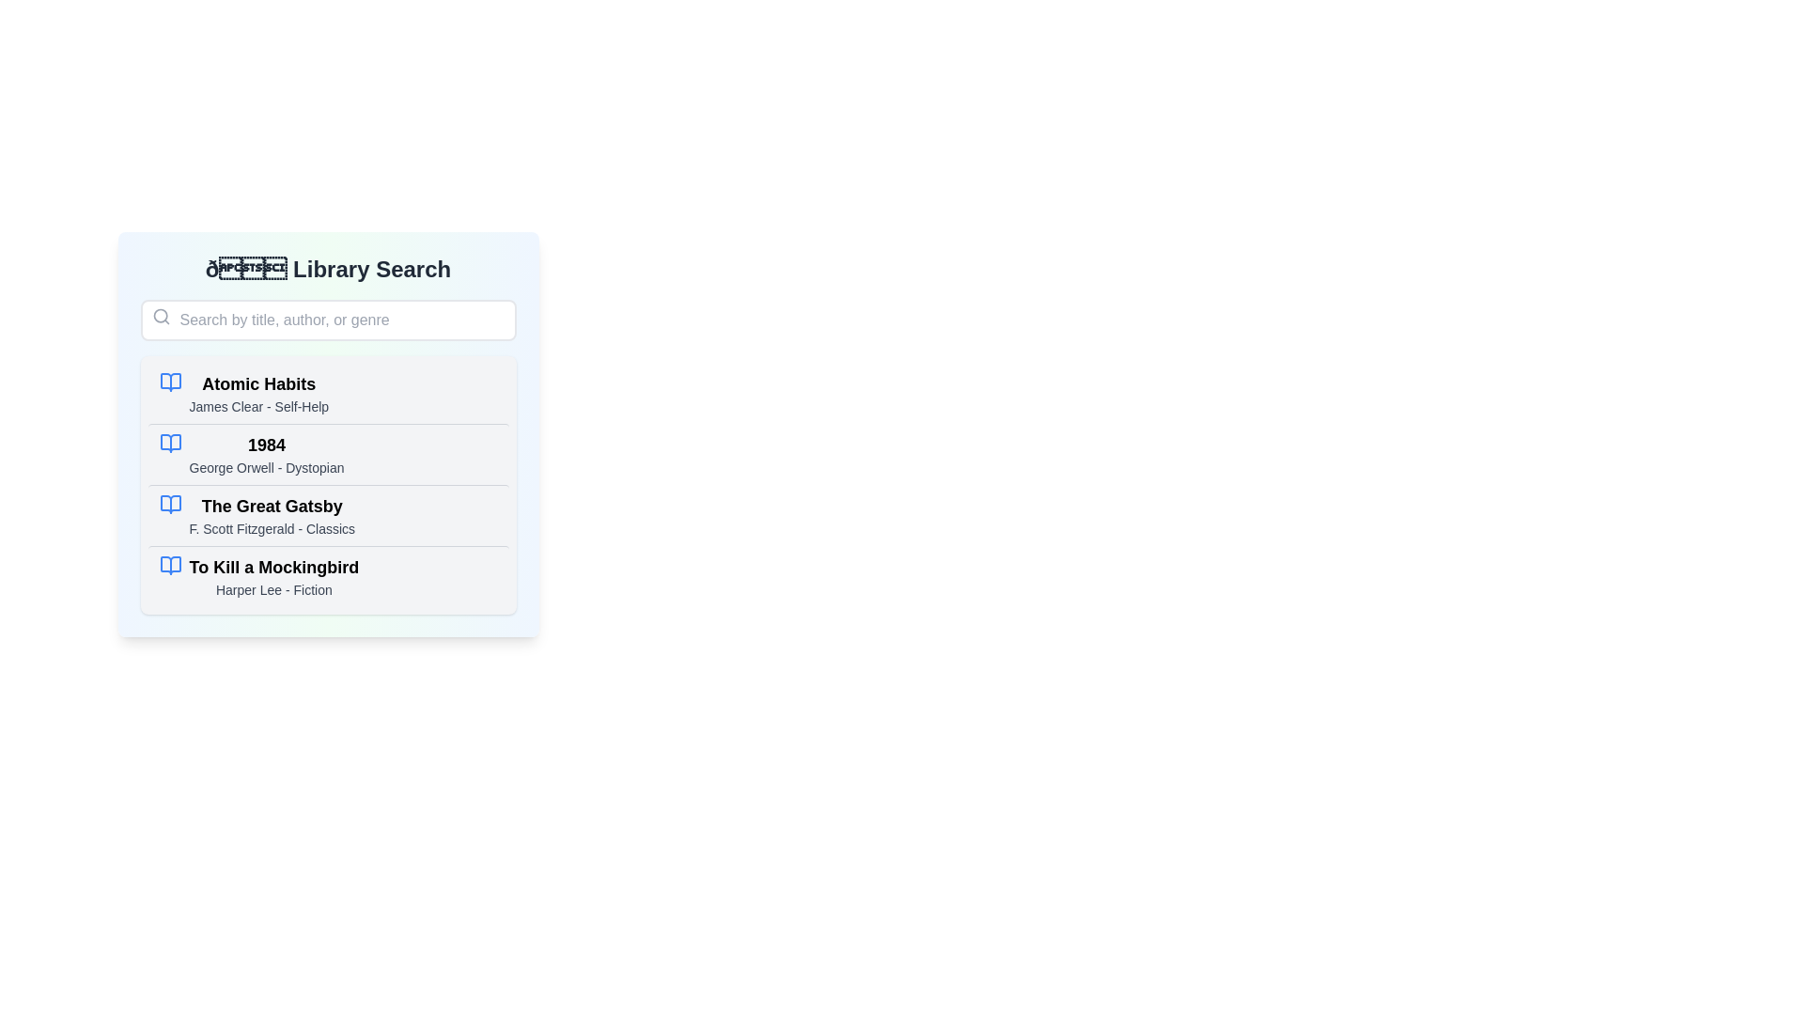 Image resolution: width=1804 pixels, height=1015 pixels. What do you see at coordinates (328, 575) in the screenshot?
I see `the list entry for 'To Kill a Mockingbird' by Harper Lee, which features a blue open book icon and is the fourth entry in the list` at bounding box center [328, 575].